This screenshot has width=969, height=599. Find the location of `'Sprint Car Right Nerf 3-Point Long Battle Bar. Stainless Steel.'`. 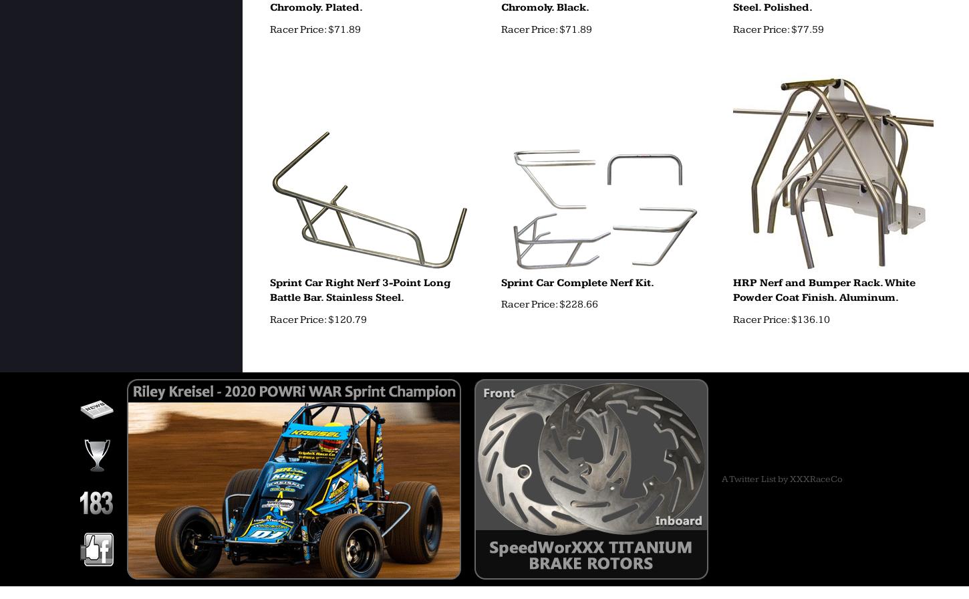

'Sprint Car Right Nerf 3-Point Long Battle Bar. Stainless Steel.' is located at coordinates (359, 290).